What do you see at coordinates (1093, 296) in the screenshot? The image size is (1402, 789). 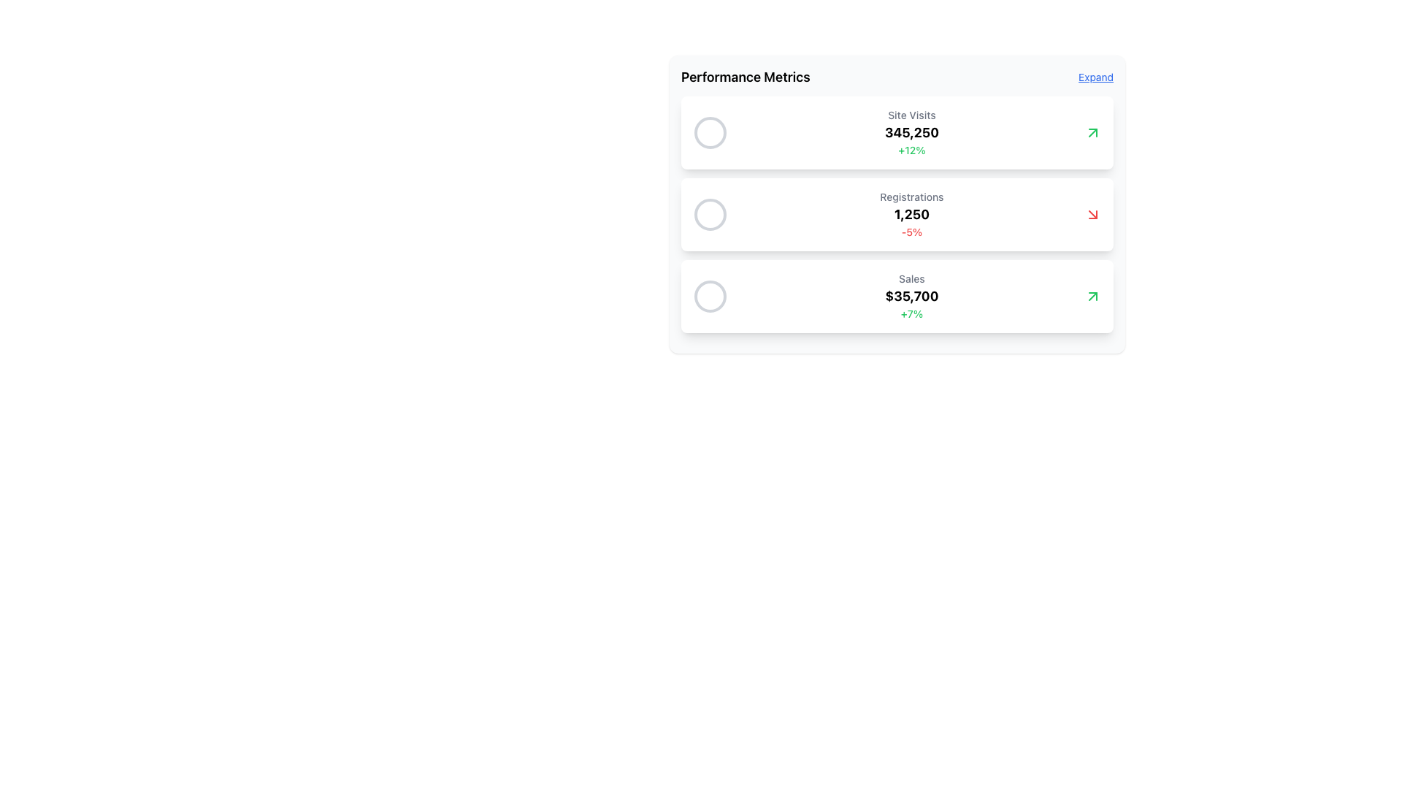 I see `the positive trend represented by the green upward-right arrow icon located at the far right of the 'Sales' card, specifically at the end of the list item showing '$35,700 +7%'` at bounding box center [1093, 296].